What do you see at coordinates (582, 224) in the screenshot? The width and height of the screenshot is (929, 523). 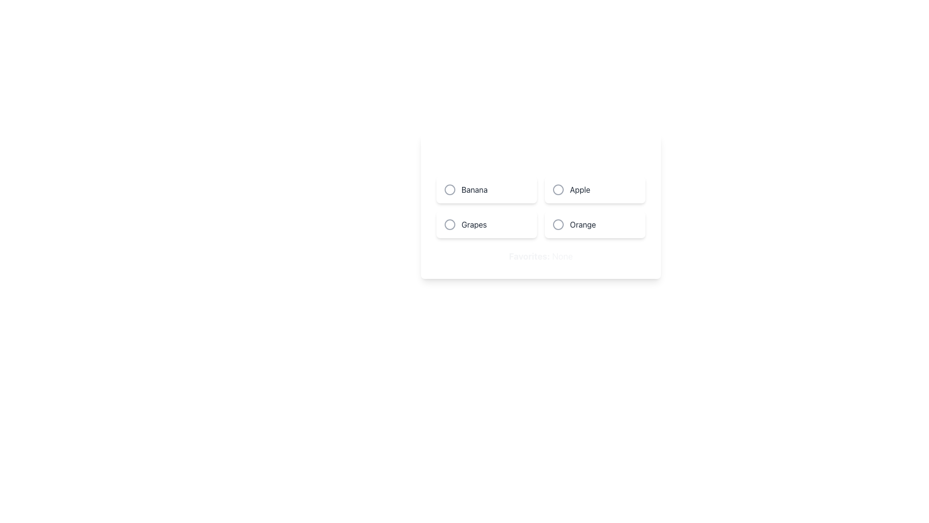 I see `the text label 'Orange' within the selectable radio button group, which is part of a white card with rounded edges` at bounding box center [582, 224].